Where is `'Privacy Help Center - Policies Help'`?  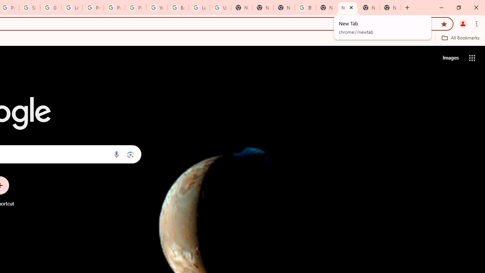
'Privacy Help Center - Policies Help' is located at coordinates (114, 8).